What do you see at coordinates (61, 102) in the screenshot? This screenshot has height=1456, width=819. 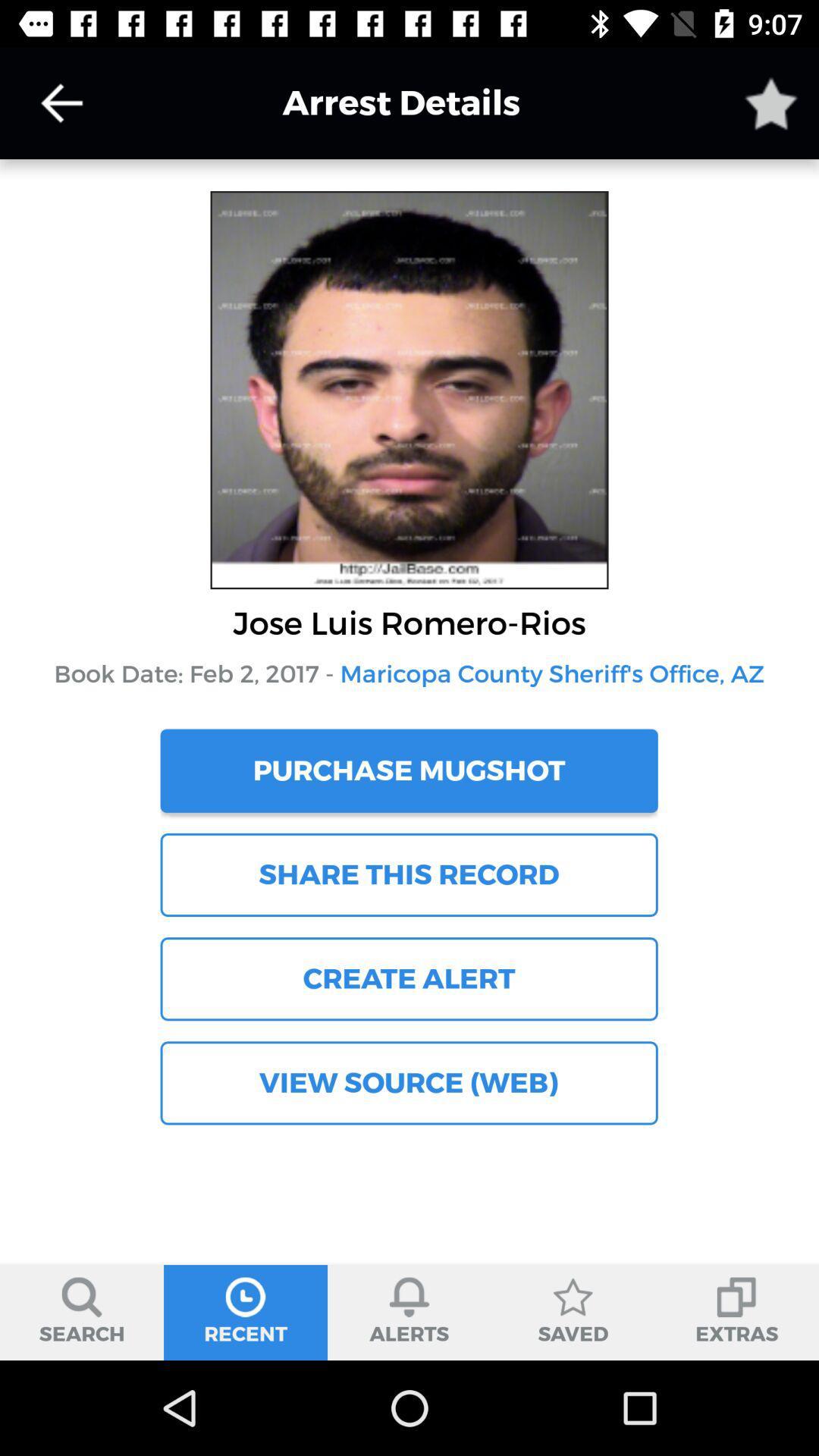 I see `go back` at bounding box center [61, 102].